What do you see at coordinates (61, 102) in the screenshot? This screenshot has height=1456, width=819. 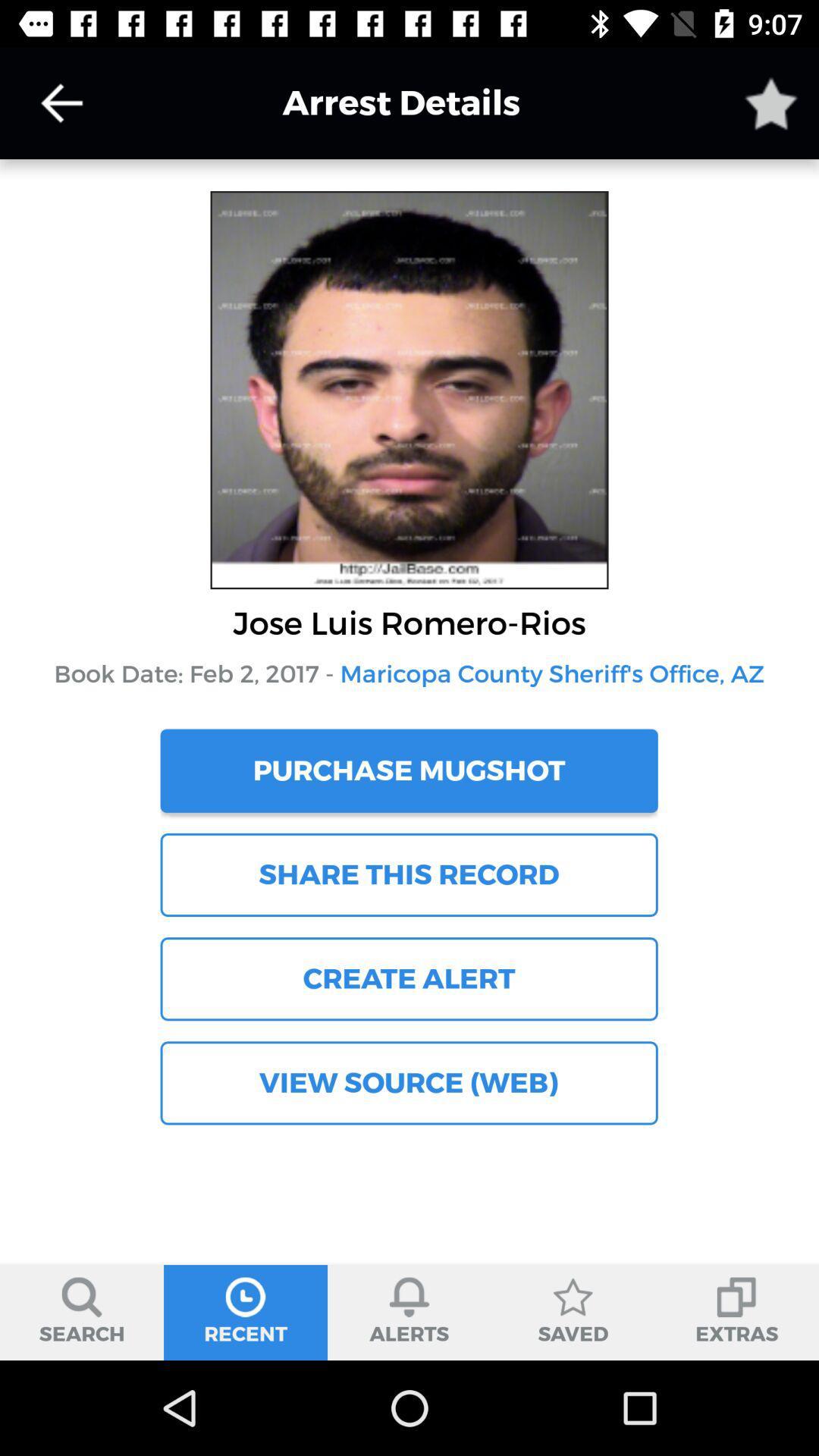 I see `go back` at bounding box center [61, 102].